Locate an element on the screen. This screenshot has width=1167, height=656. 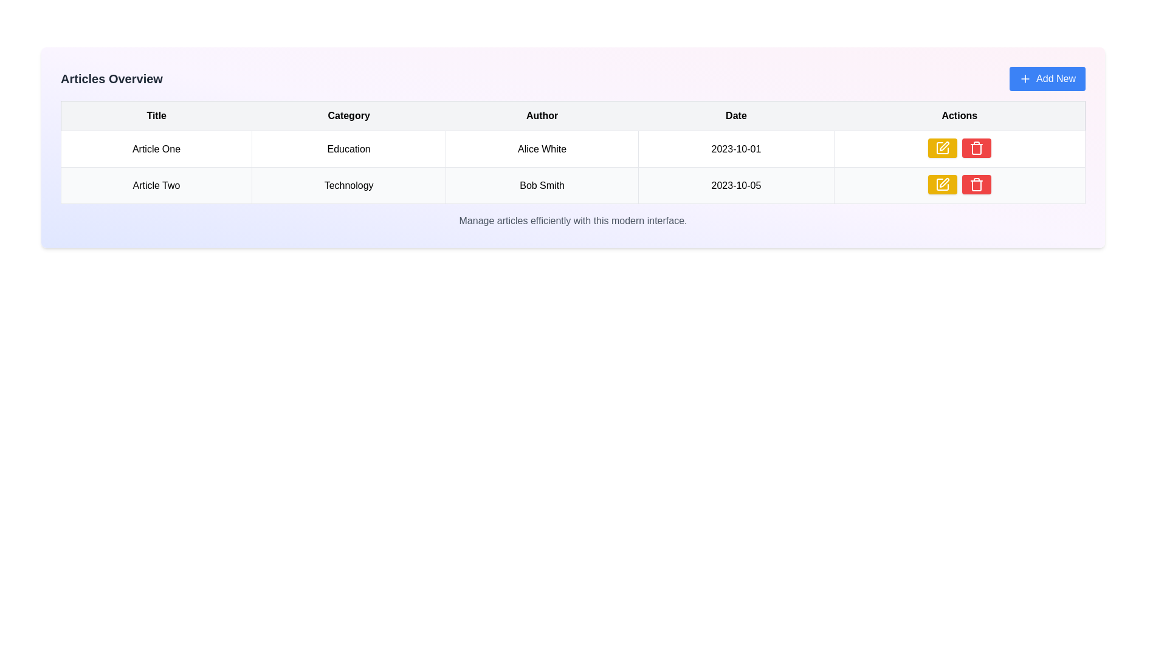
the small plus sign icon that is part of the blue rectangular 'Add New' button located at the top-right corner of the interface is located at coordinates (1025, 79).